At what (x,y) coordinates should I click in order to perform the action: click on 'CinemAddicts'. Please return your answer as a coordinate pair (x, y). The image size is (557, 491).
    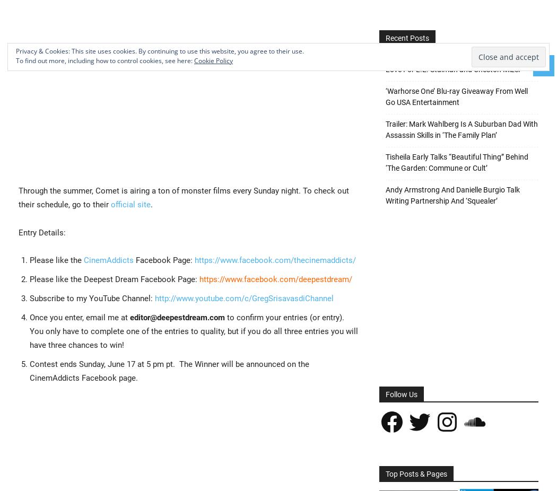
    Looking at the image, I should click on (84, 259).